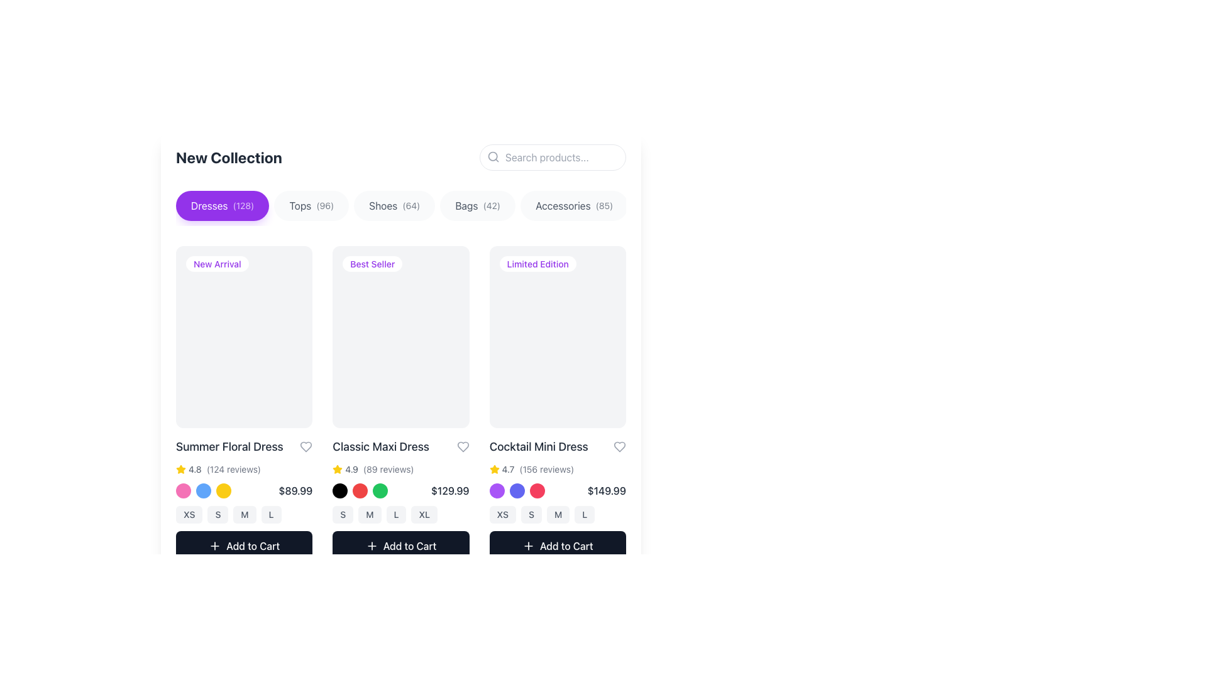 The height and width of the screenshot is (678, 1207). I want to click on the text label displaying 'Bags' within the button labeled 'Bags(42)' in the navigation bar, so click(466, 205).